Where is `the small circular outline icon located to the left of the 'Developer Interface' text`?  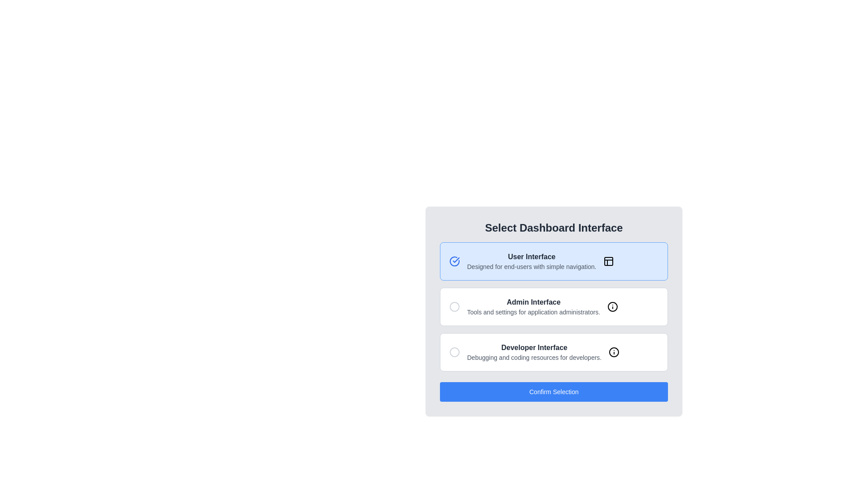
the small circular outline icon located to the left of the 'Developer Interface' text is located at coordinates (455, 351).